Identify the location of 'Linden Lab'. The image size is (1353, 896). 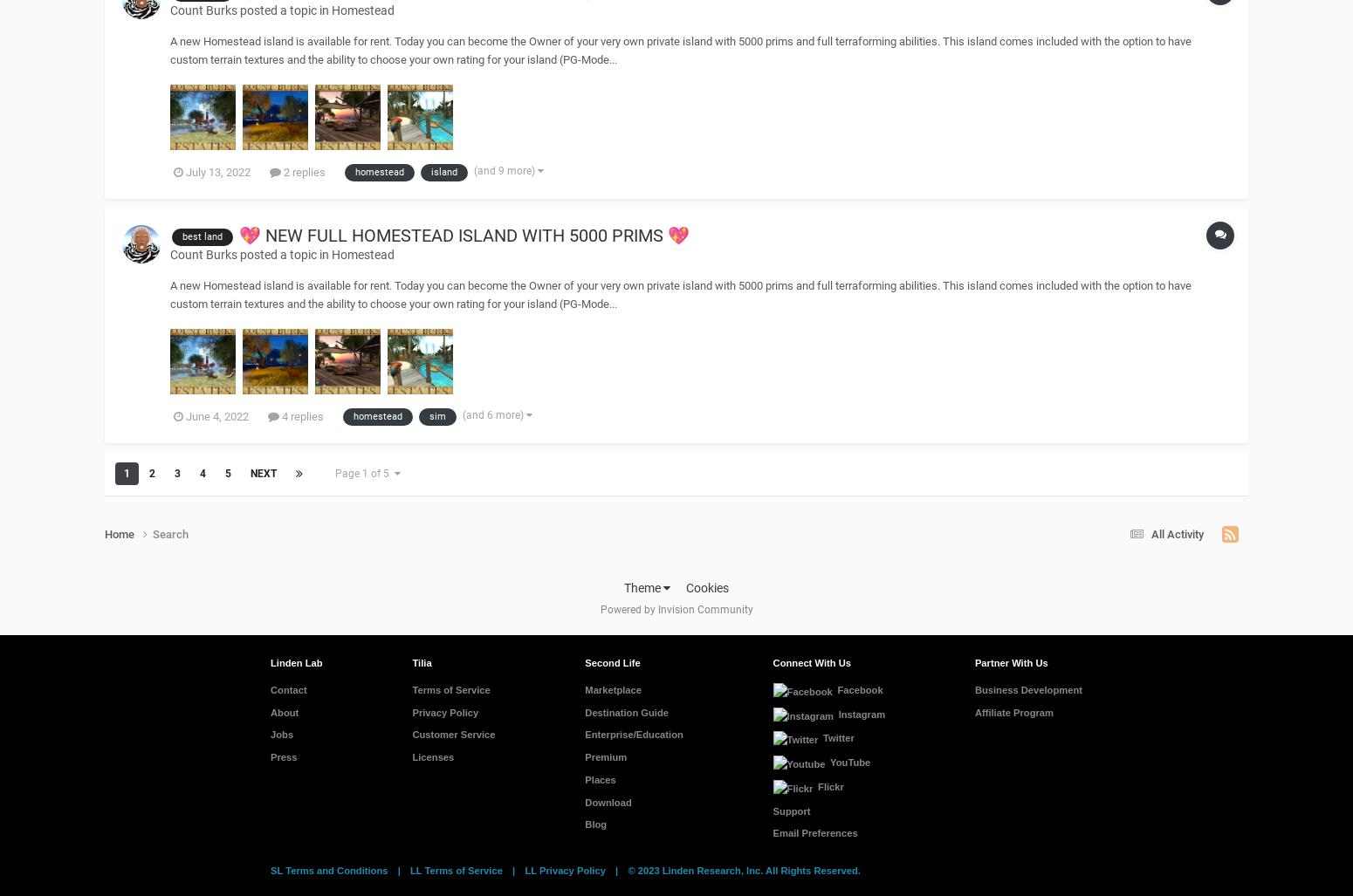
(295, 661).